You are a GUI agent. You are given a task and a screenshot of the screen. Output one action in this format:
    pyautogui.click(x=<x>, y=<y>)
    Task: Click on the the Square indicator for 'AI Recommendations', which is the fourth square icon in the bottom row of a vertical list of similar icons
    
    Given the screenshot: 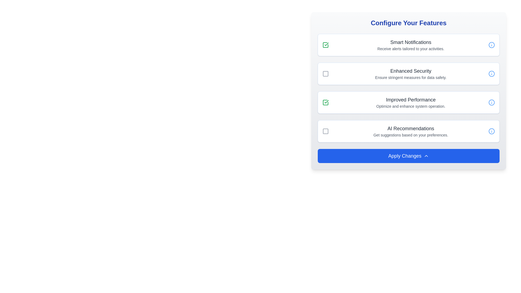 What is the action you would take?
    pyautogui.click(x=326, y=131)
    